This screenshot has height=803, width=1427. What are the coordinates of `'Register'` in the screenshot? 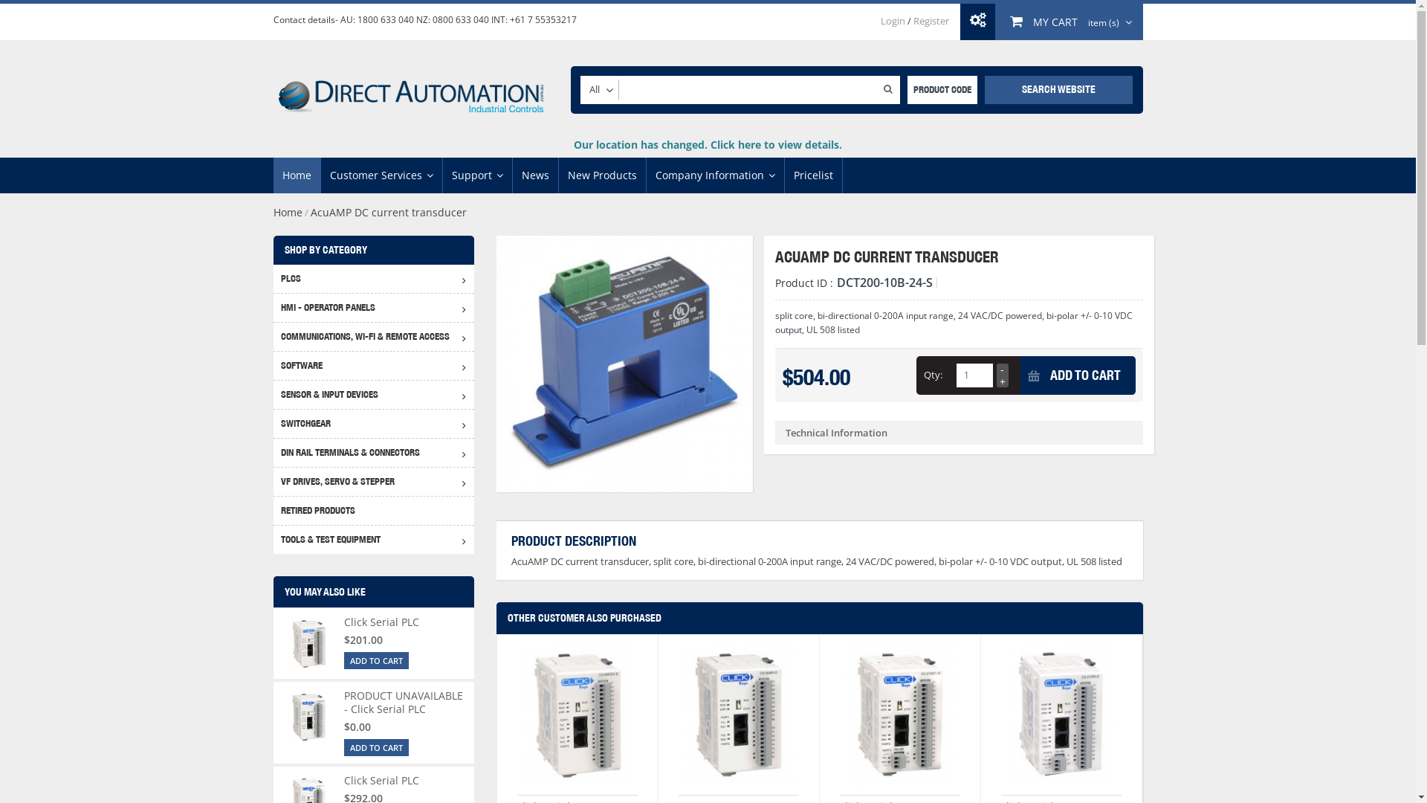 It's located at (930, 20).